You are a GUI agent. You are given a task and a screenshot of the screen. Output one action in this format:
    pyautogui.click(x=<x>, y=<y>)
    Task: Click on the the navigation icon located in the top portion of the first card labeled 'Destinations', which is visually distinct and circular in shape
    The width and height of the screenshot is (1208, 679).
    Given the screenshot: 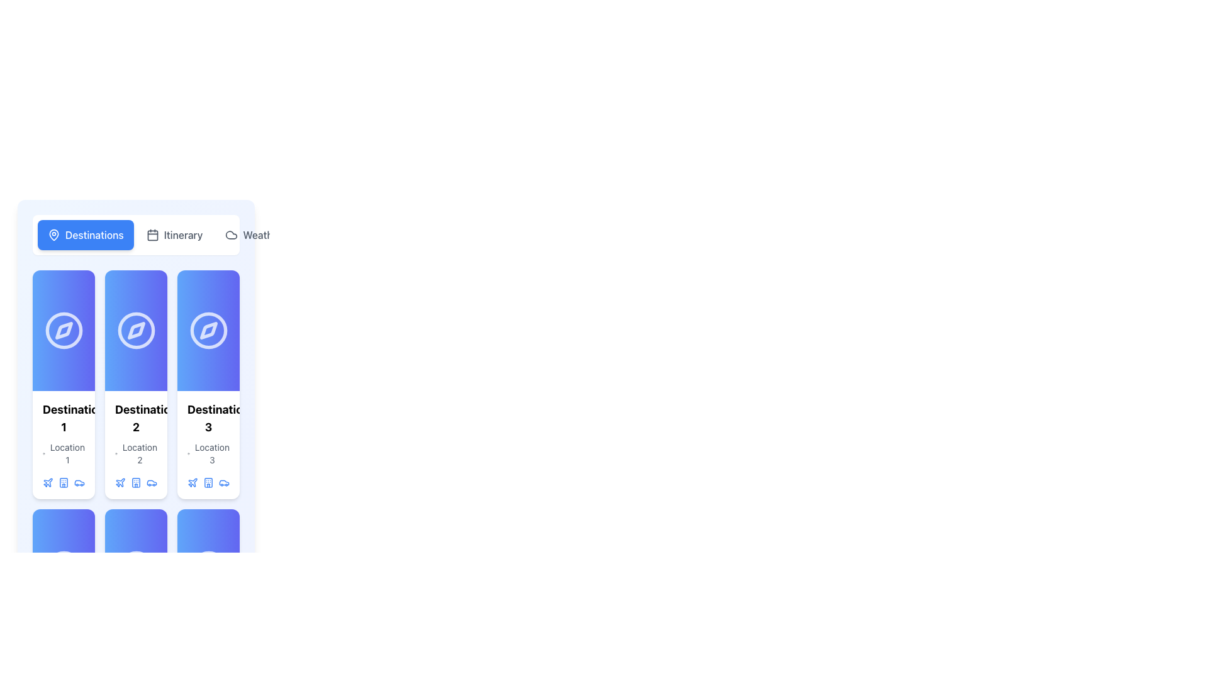 What is the action you would take?
    pyautogui.click(x=63, y=329)
    